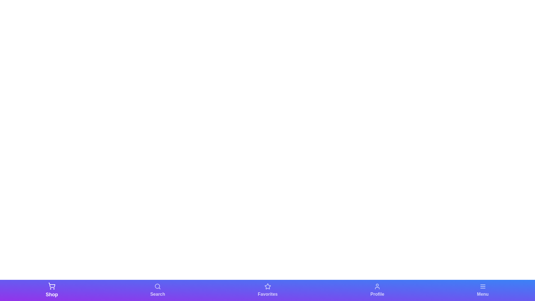  Describe the element at coordinates (52, 290) in the screenshot. I see `the navigation bar element labeled Shop` at that location.